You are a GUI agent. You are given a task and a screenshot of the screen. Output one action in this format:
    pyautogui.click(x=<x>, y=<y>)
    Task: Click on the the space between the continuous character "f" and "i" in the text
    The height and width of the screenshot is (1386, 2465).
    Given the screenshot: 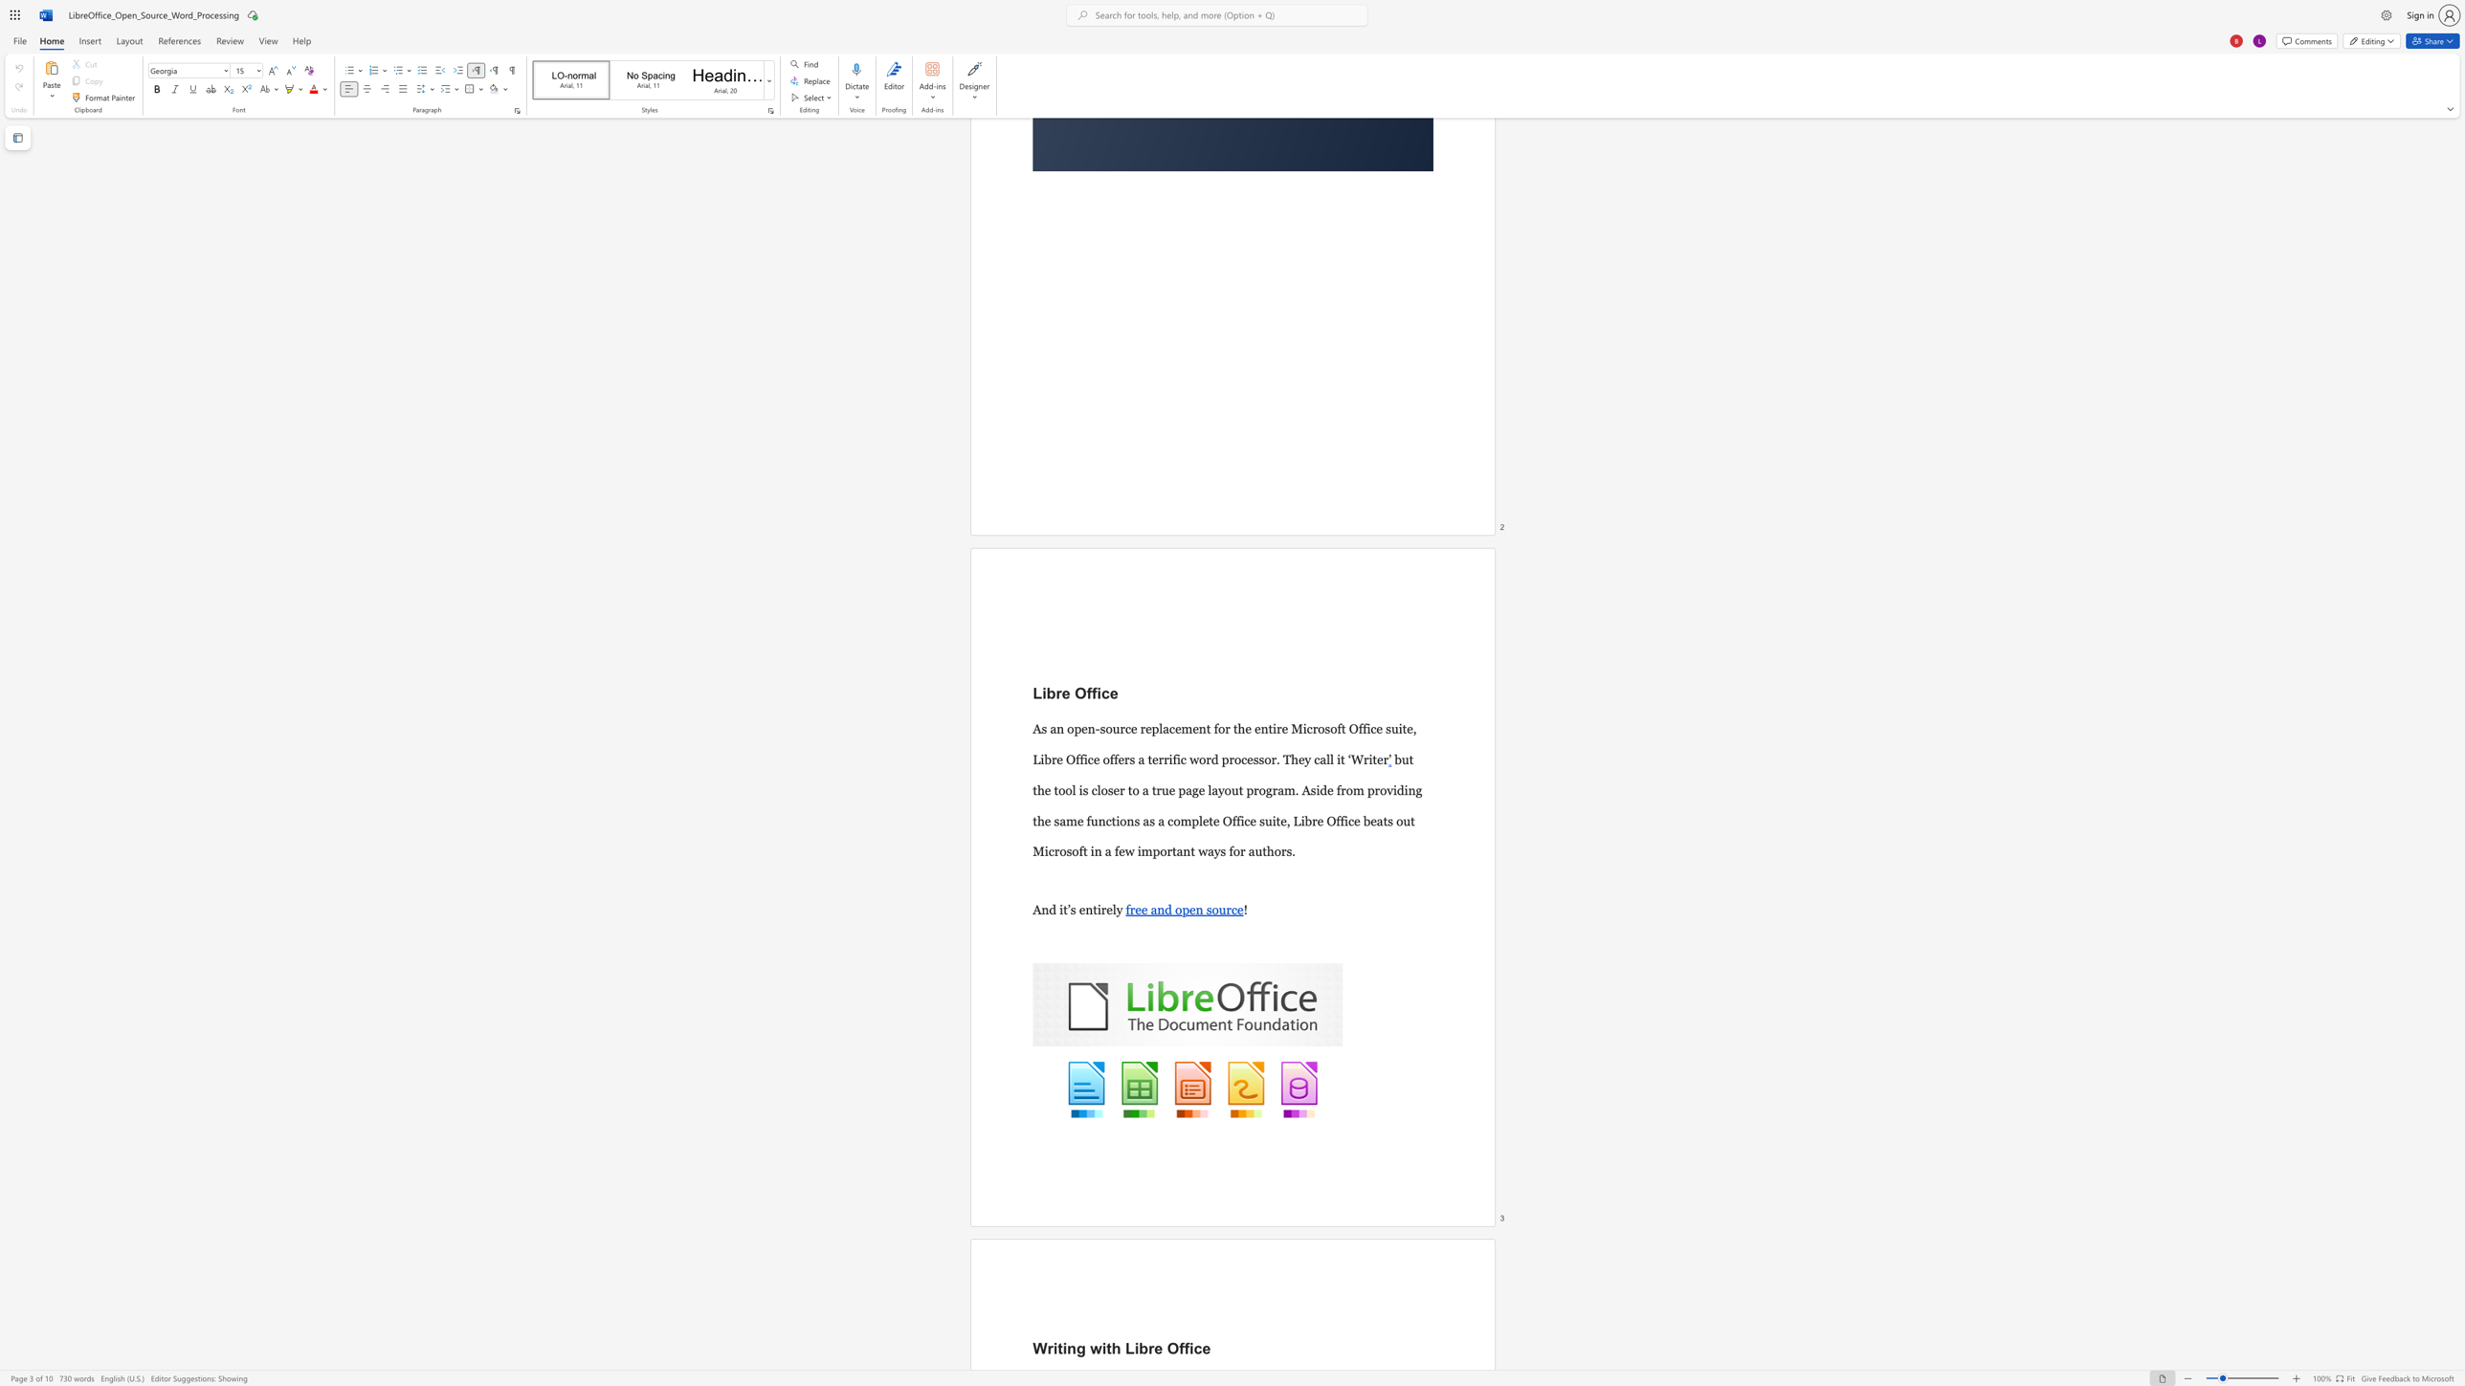 What is the action you would take?
    pyautogui.click(x=1188, y=1347)
    